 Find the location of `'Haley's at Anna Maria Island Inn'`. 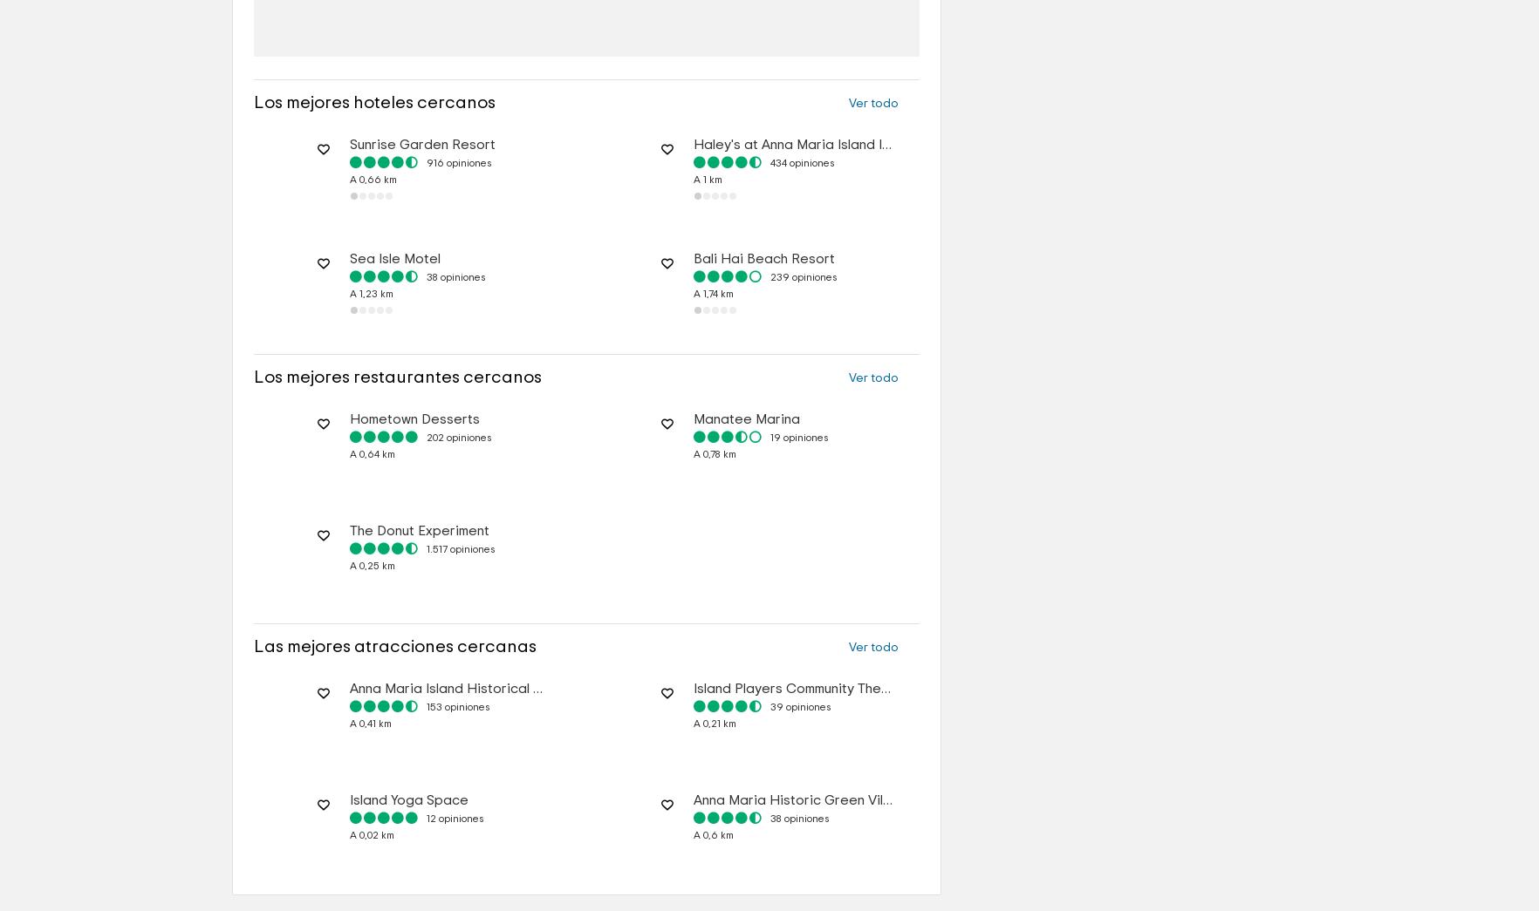

'Haley's at Anna Maria Island Inn' is located at coordinates (794, 197).